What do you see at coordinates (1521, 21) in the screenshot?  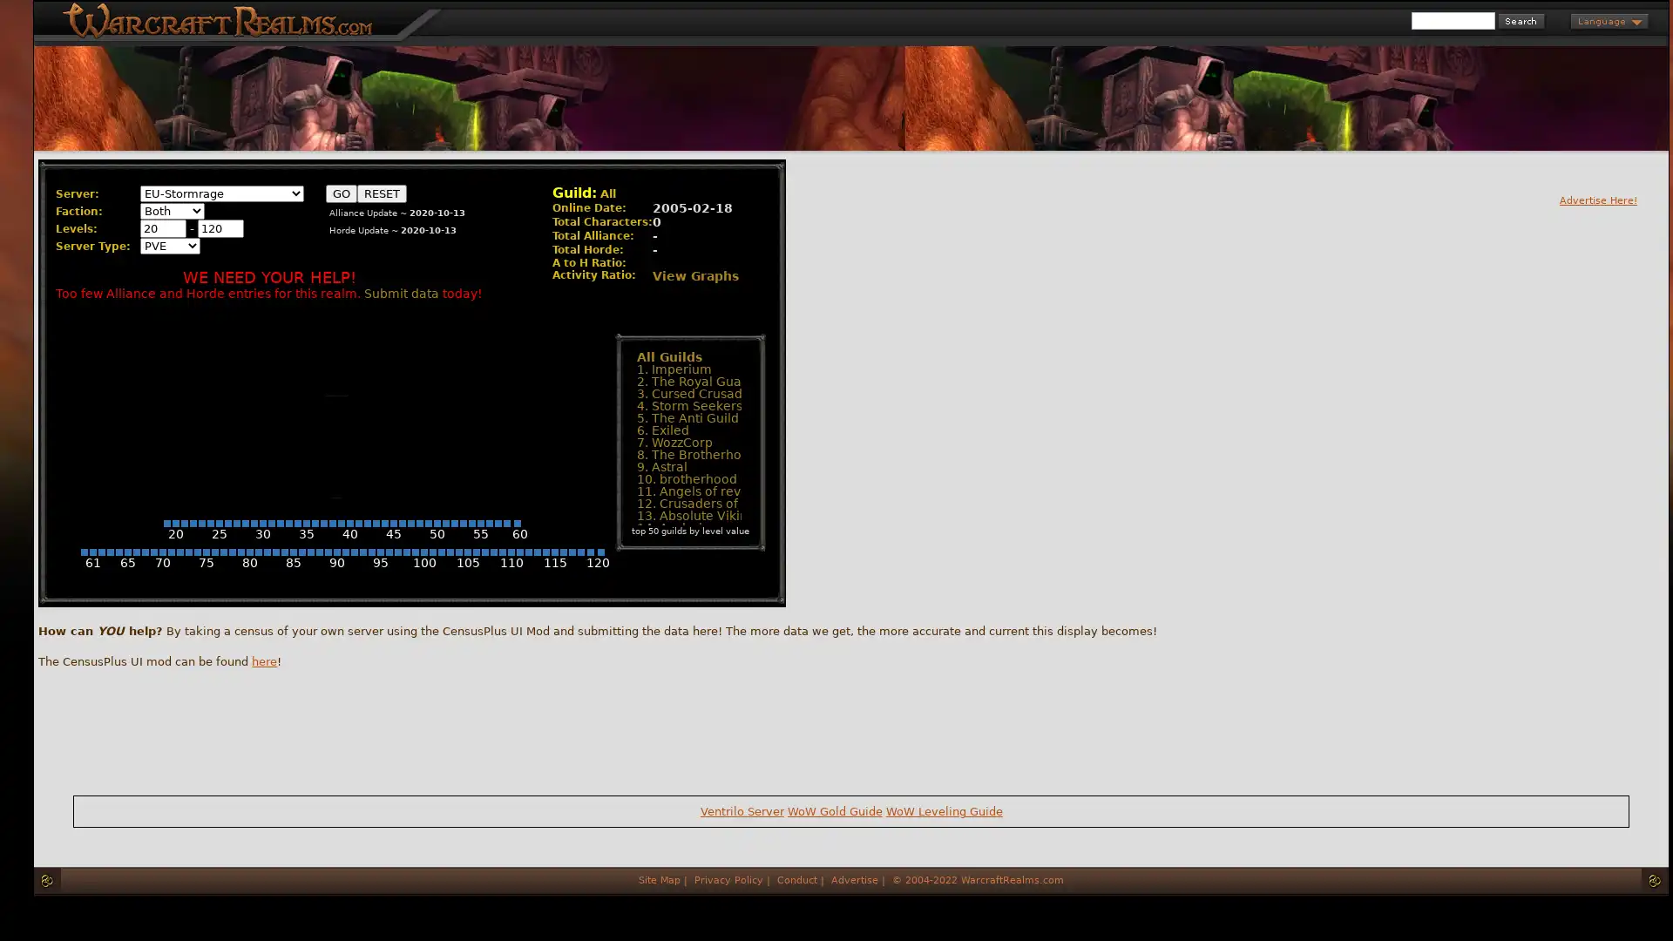 I see `Search` at bounding box center [1521, 21].